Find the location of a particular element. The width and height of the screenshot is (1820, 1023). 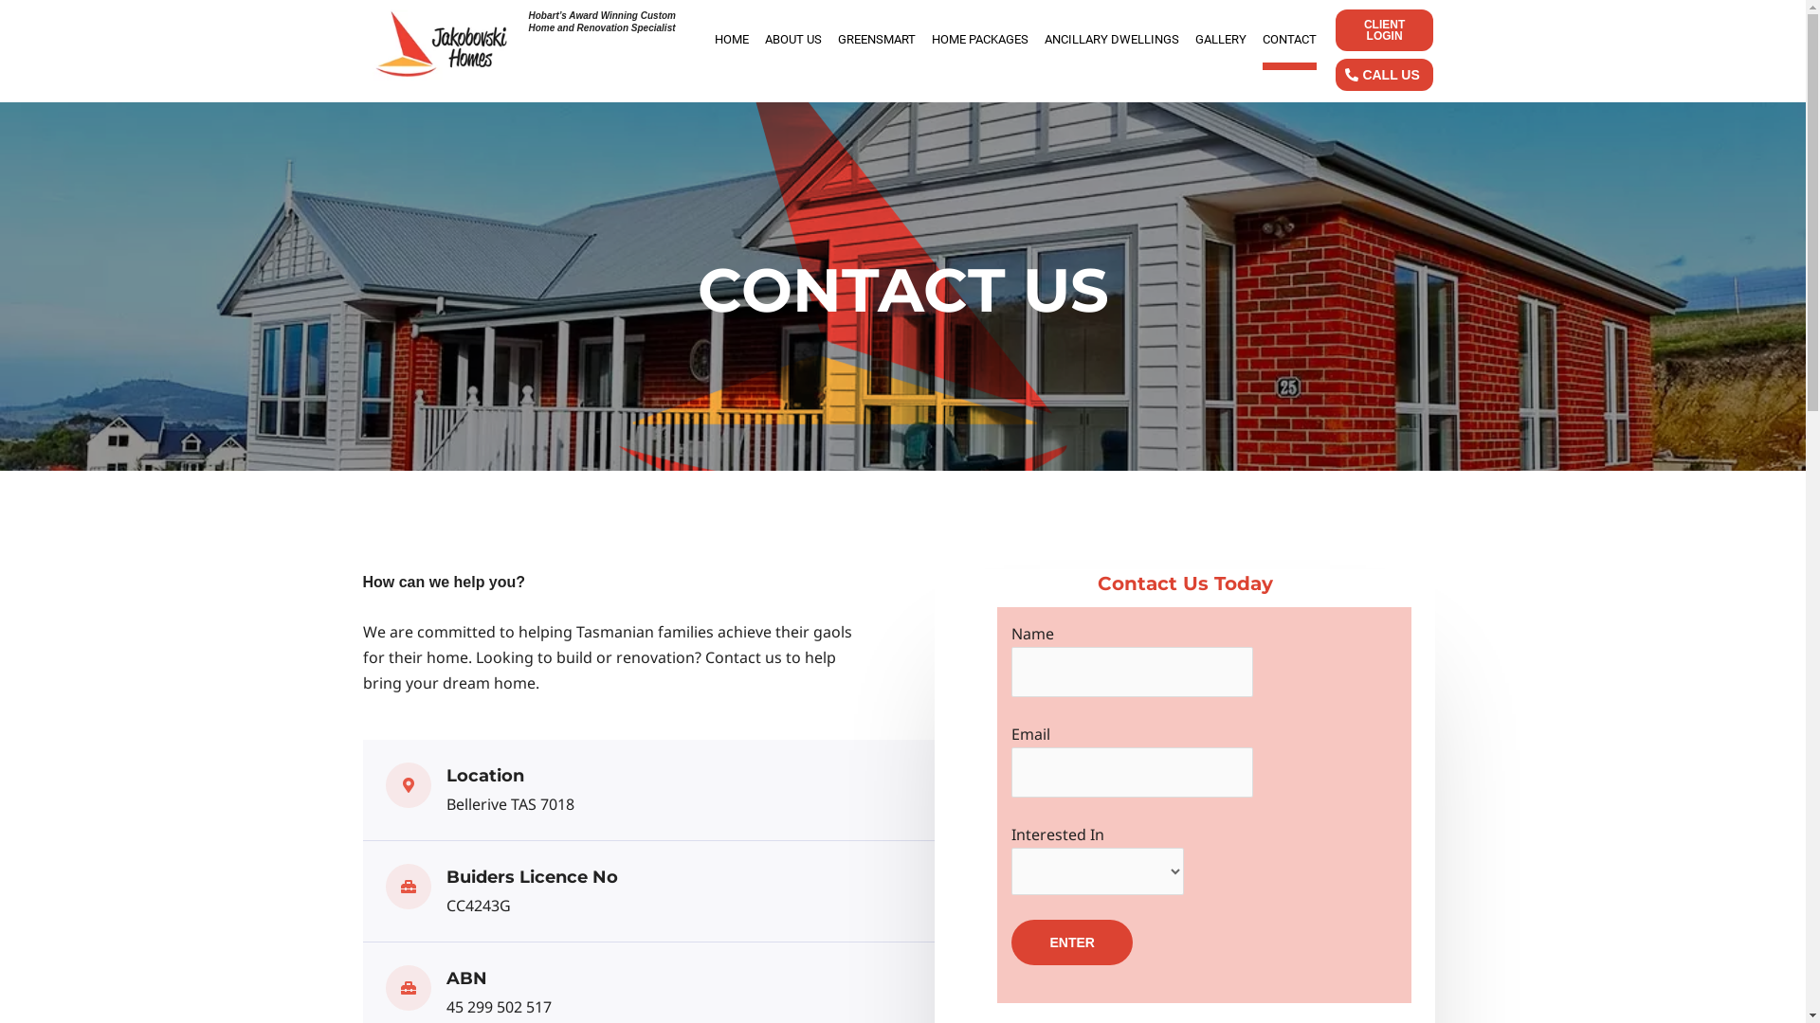

'GALLERY' is located at coordinates (1194, 40).